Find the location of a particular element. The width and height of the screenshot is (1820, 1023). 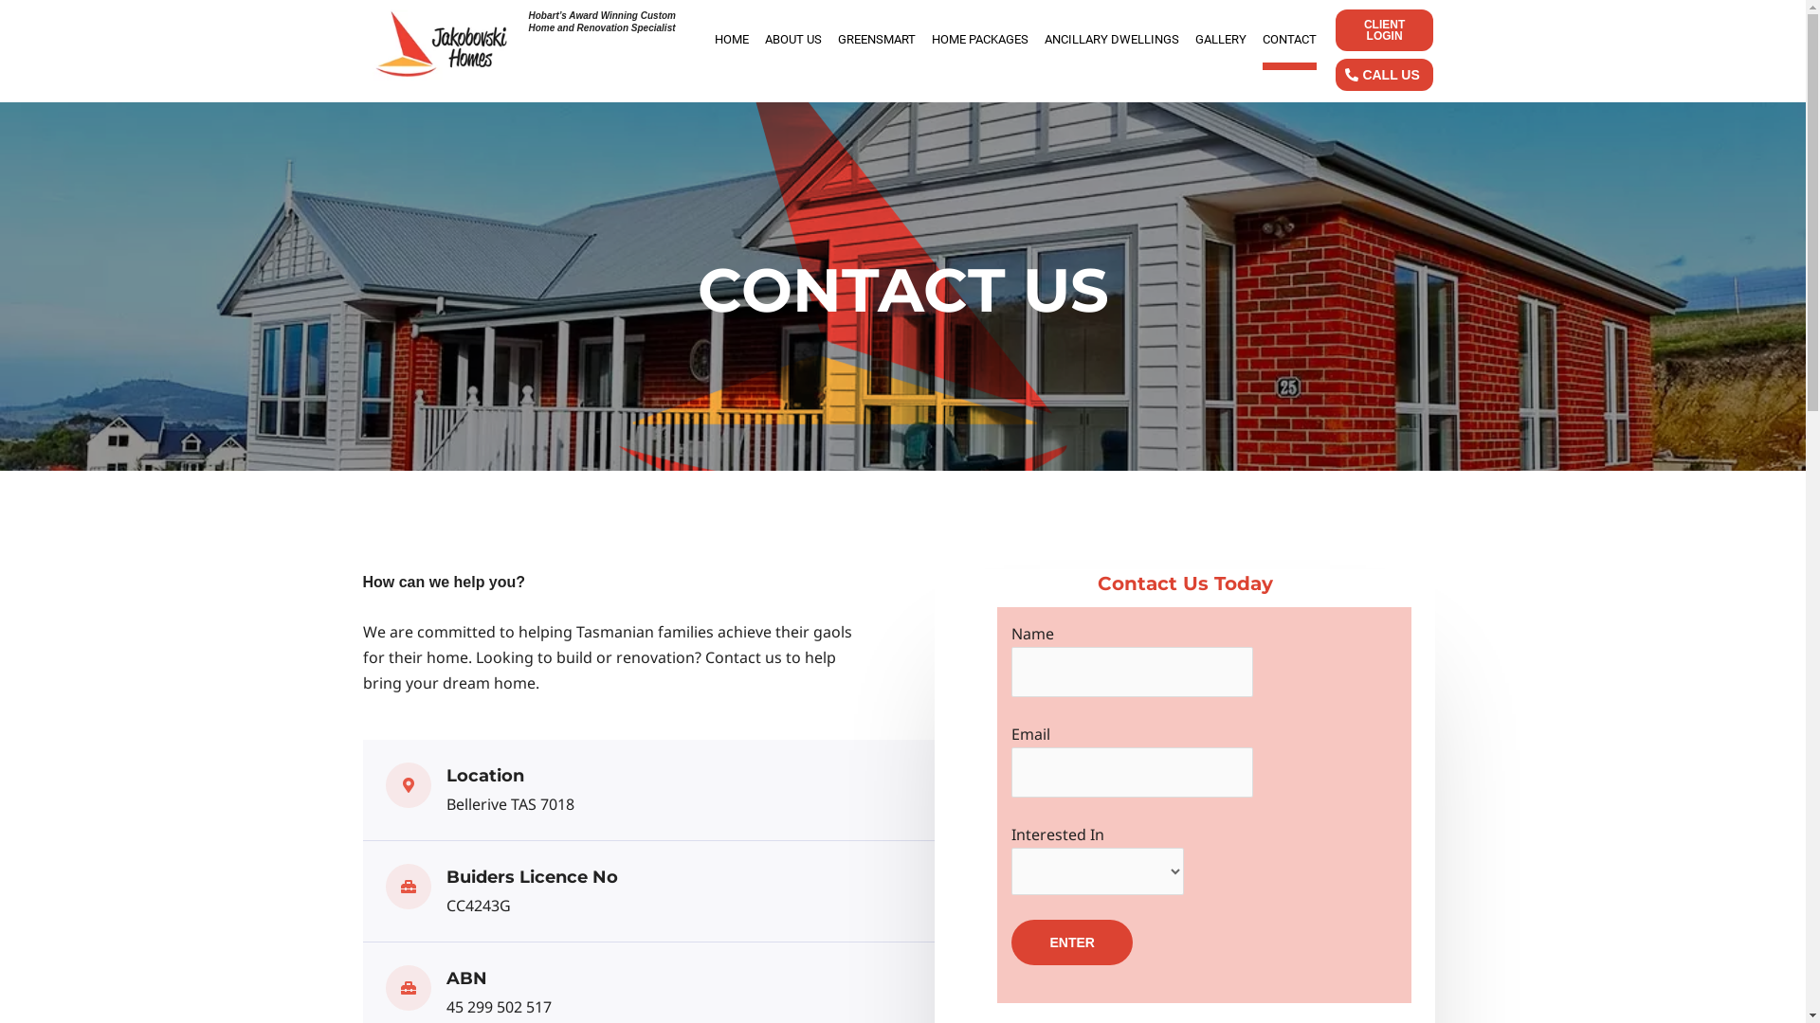

'GALLERY' is located at coordinates (1194, 40).